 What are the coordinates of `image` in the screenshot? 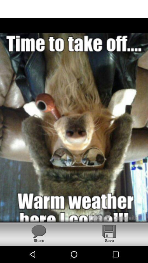 It's located at (109, 233).